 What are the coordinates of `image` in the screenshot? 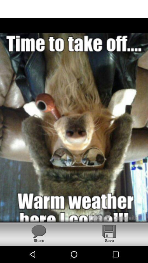 It's located at (109, 233).